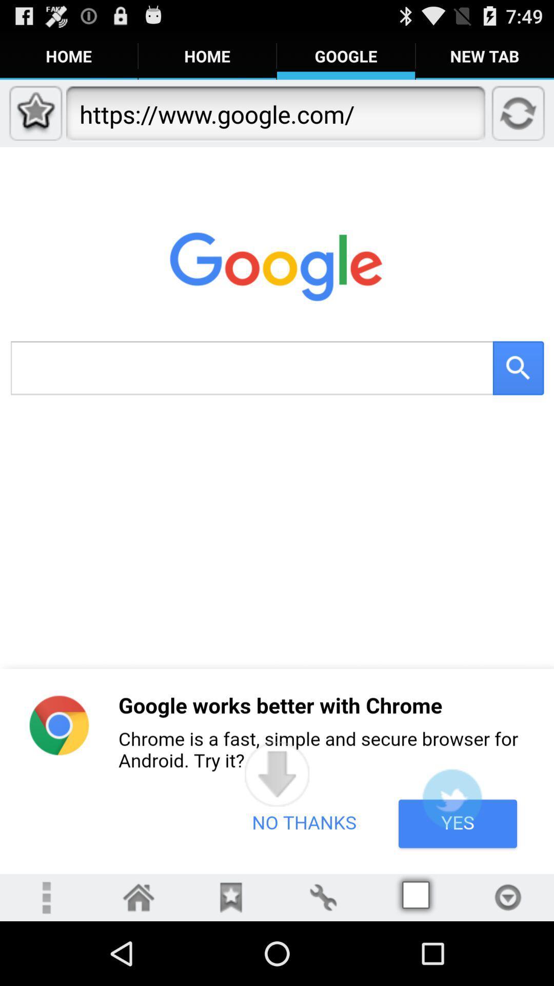  What do you see at coordinates (277, 774) in the screenshot?
I see `app below https www google icon` at bounding box center [277, 774].